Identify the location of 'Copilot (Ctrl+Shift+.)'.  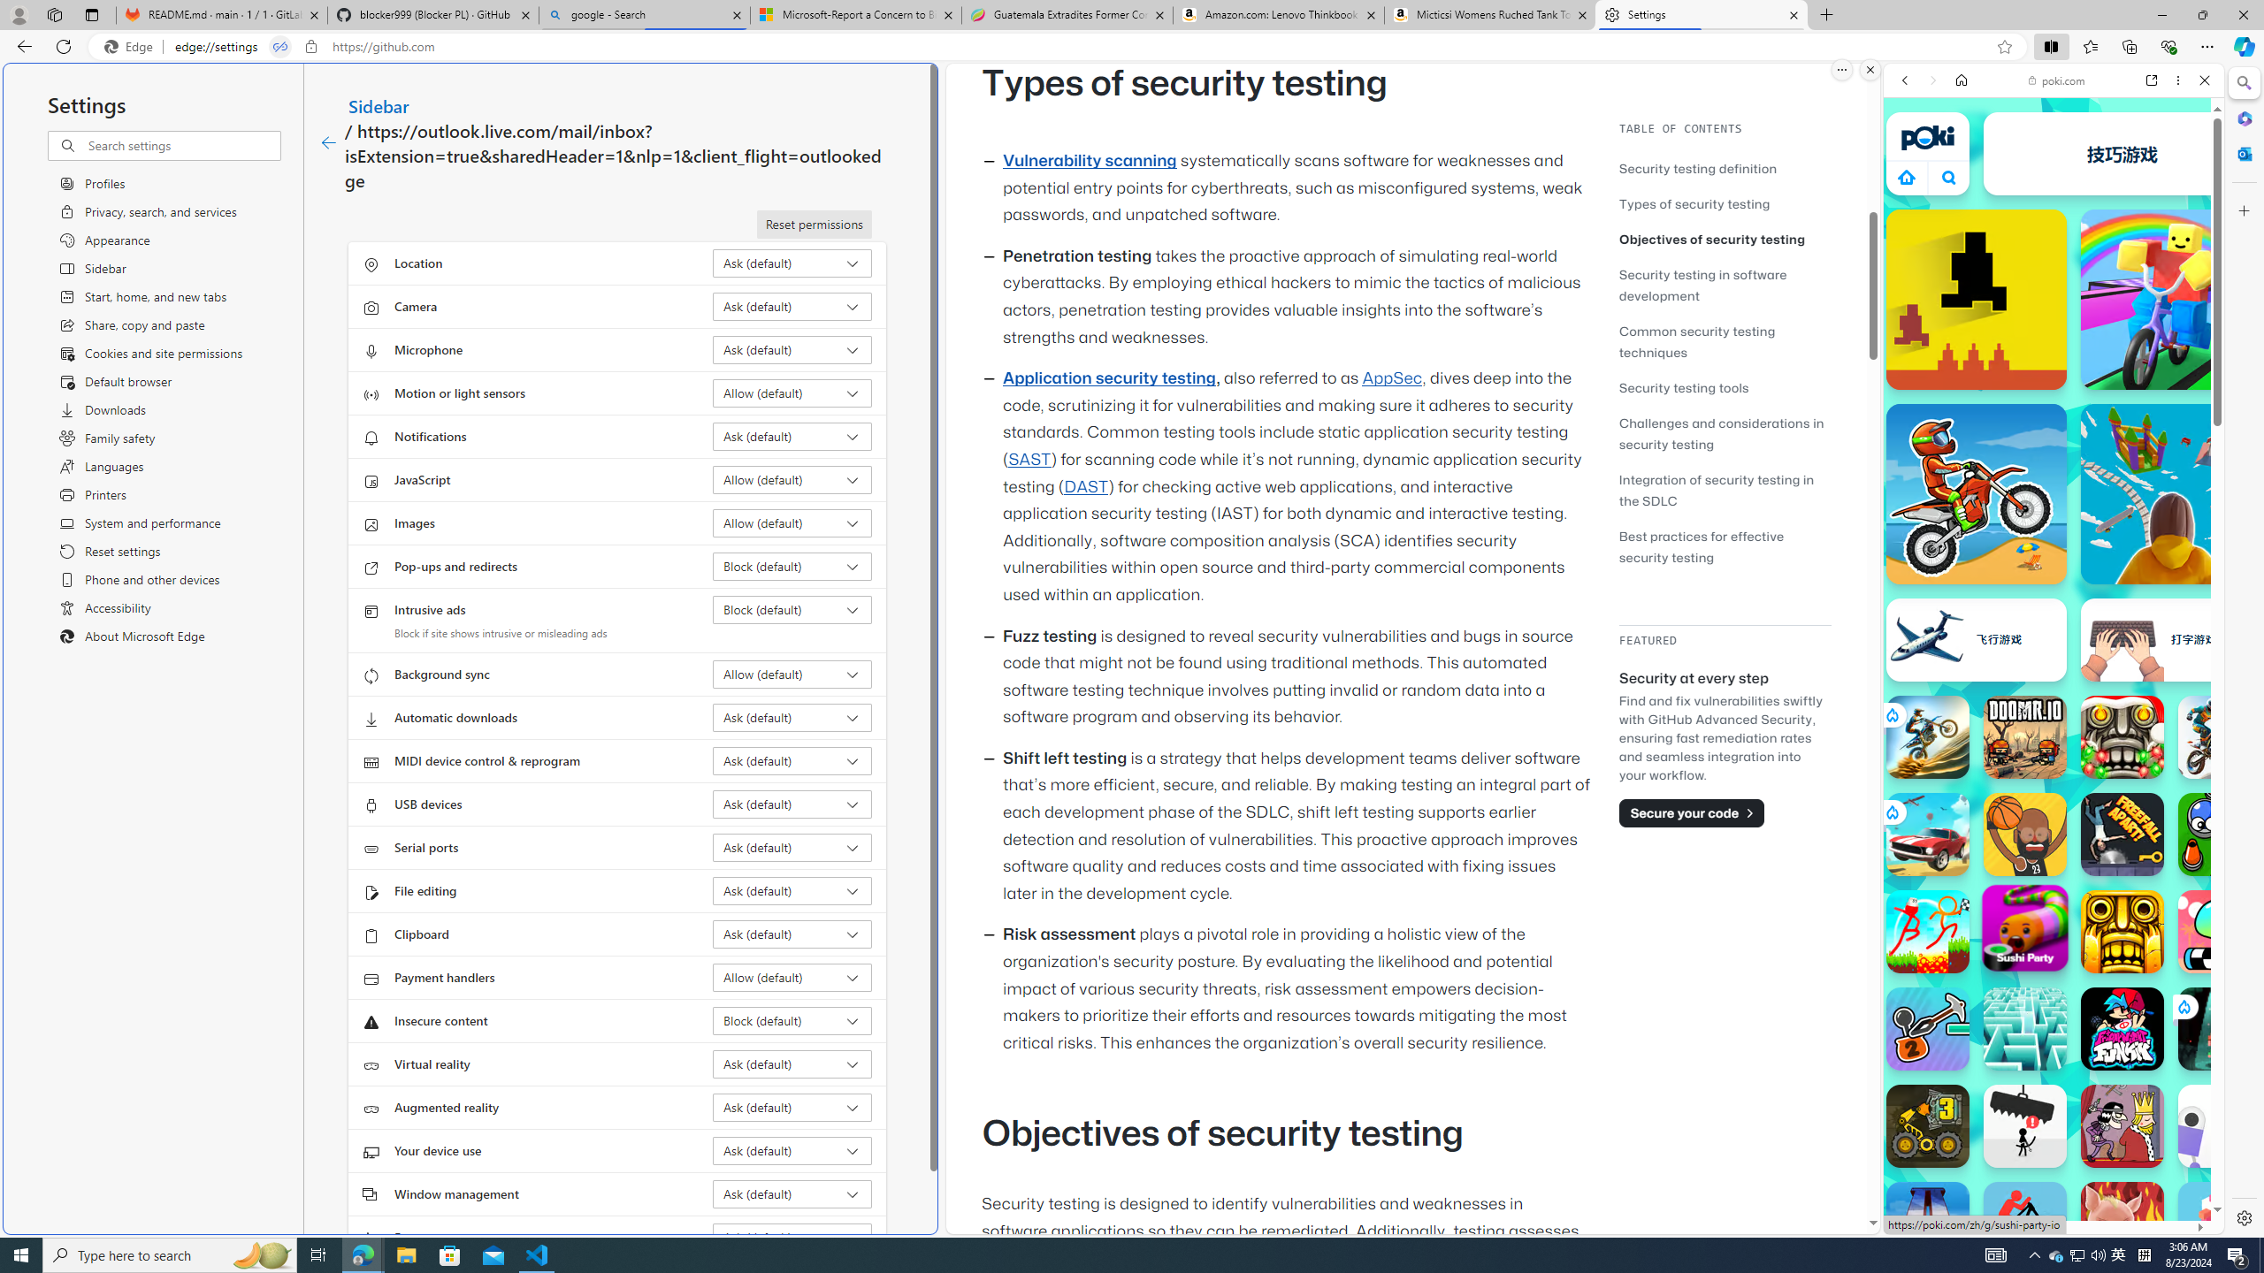
(2242, 45).